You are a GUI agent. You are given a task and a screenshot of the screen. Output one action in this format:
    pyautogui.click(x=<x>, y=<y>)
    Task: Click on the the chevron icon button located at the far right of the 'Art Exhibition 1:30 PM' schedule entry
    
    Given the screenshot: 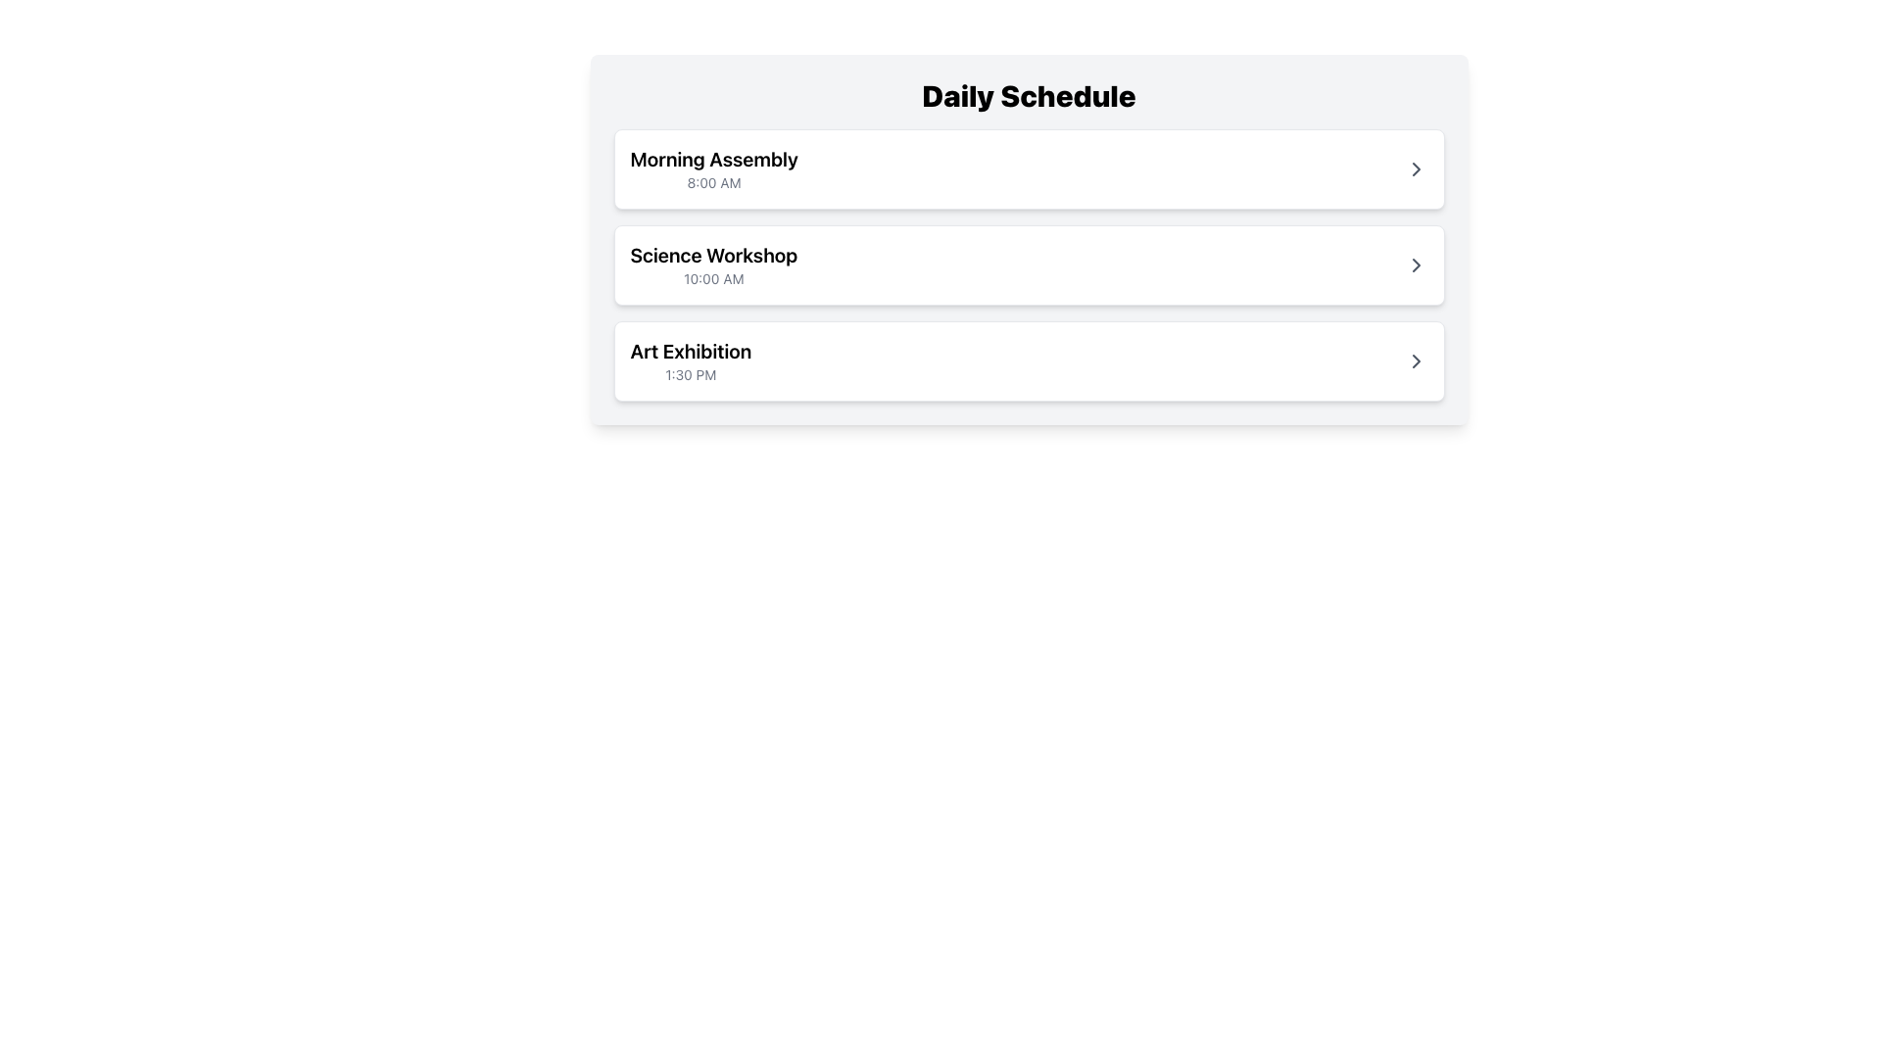 What is the action you would take?
    pyautogui.click(x=1416, y=361)
    